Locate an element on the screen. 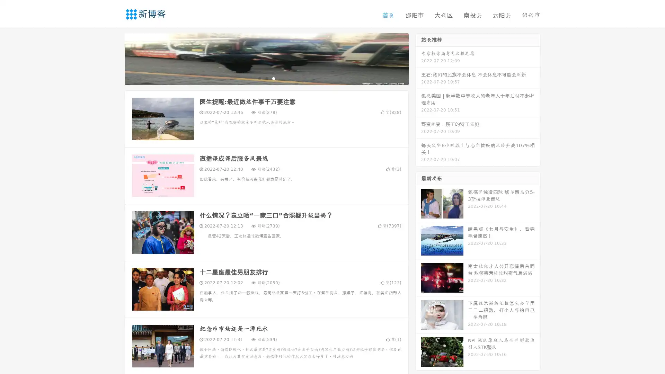 This screenshot has height=374, width=665. Previous slide is located at coordinates (114, 58).